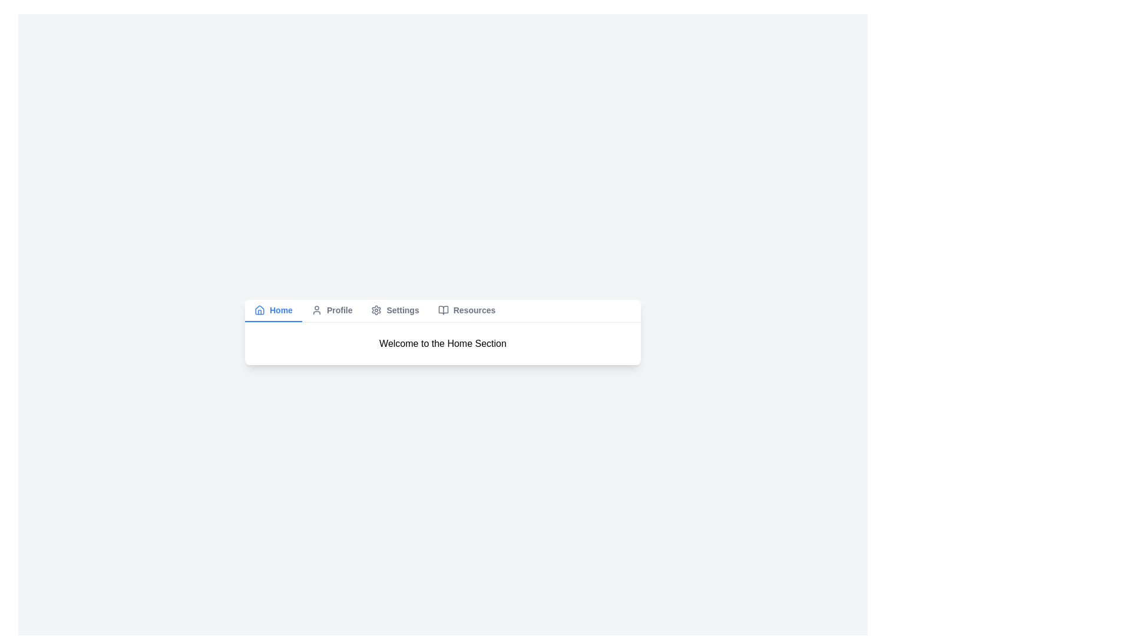 Image resolution: width=1131 pixels, height=636 pixels. What do you see at coordinates (331, 310) in the screenshot?
I see `the 'Profile' navigation link in the horizontal navigation bar` at bounding box center [331, 310].